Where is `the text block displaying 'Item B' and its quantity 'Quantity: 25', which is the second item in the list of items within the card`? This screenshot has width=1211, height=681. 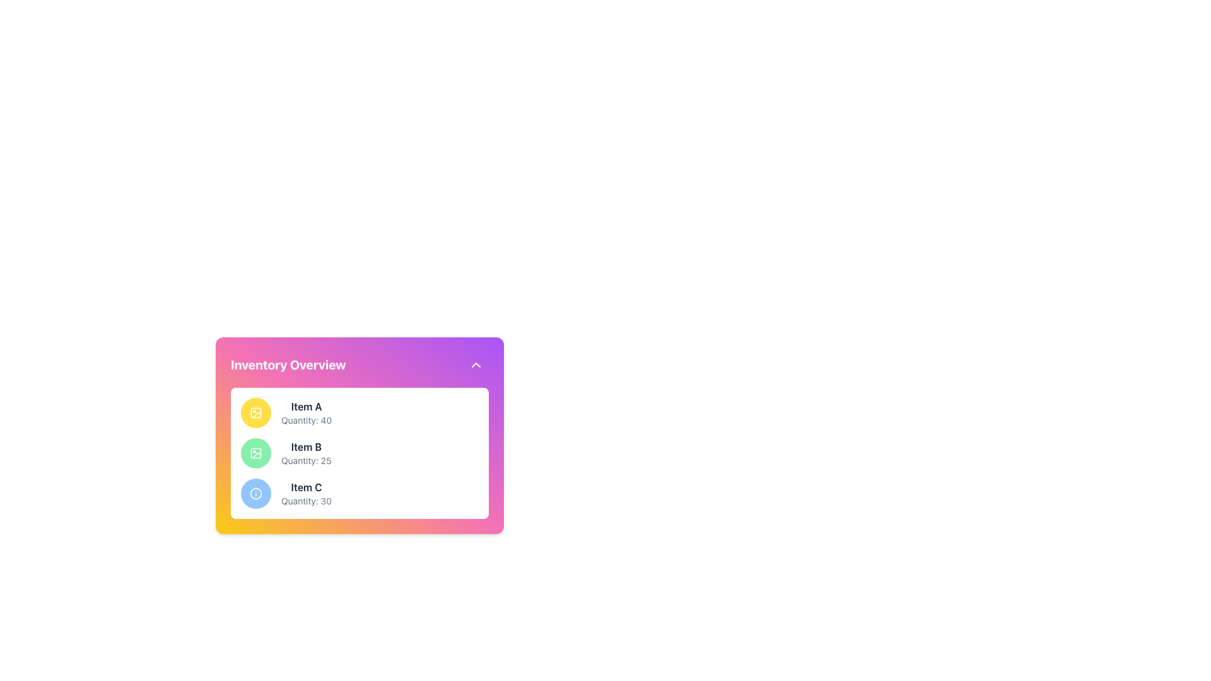
the text block displaying 'Item B' and its quantity 'Quantity: 25', which is the second item in the list of items within the card is located at coordinates (306, 452).